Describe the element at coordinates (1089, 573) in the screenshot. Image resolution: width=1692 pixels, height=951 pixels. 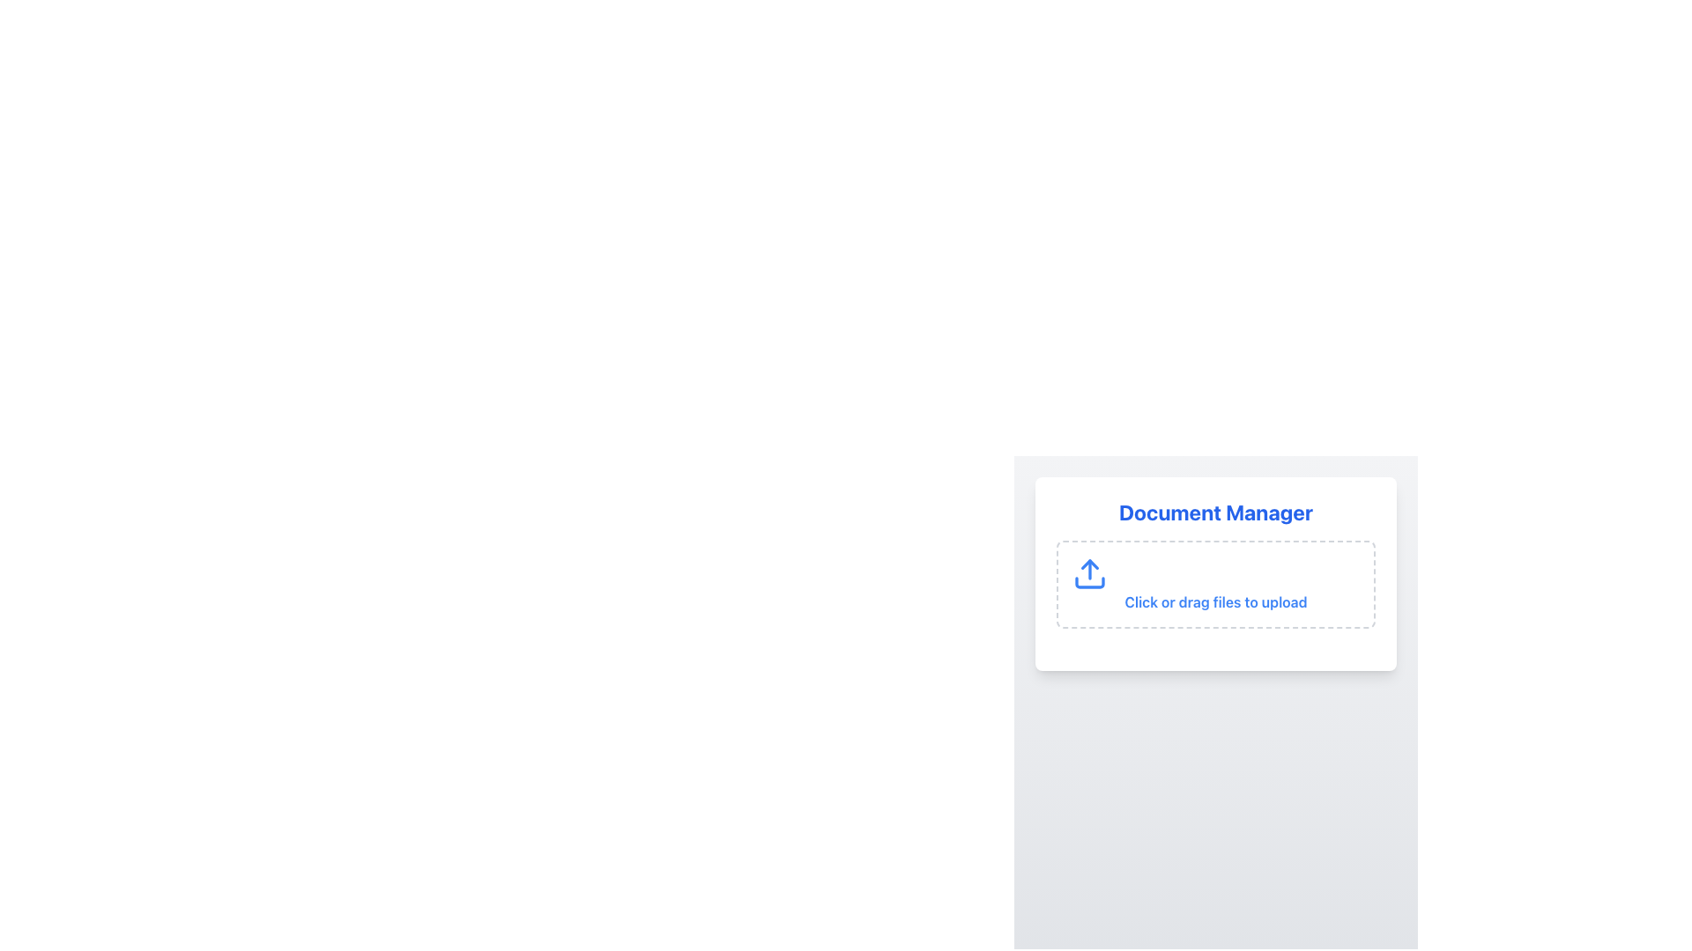
I see `the upload icon located on the left side of the 'Click or drag files to upload' box, directly below the 'Document Manager' text` at that location.